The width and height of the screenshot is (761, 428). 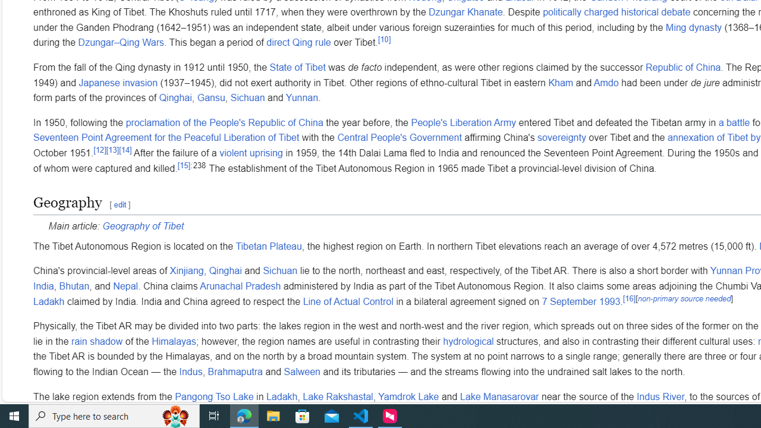 What do you see at coordinates (118, 82) in the screenshot?
I see `'Japanese invasion'` at bounding box center [118, 82].